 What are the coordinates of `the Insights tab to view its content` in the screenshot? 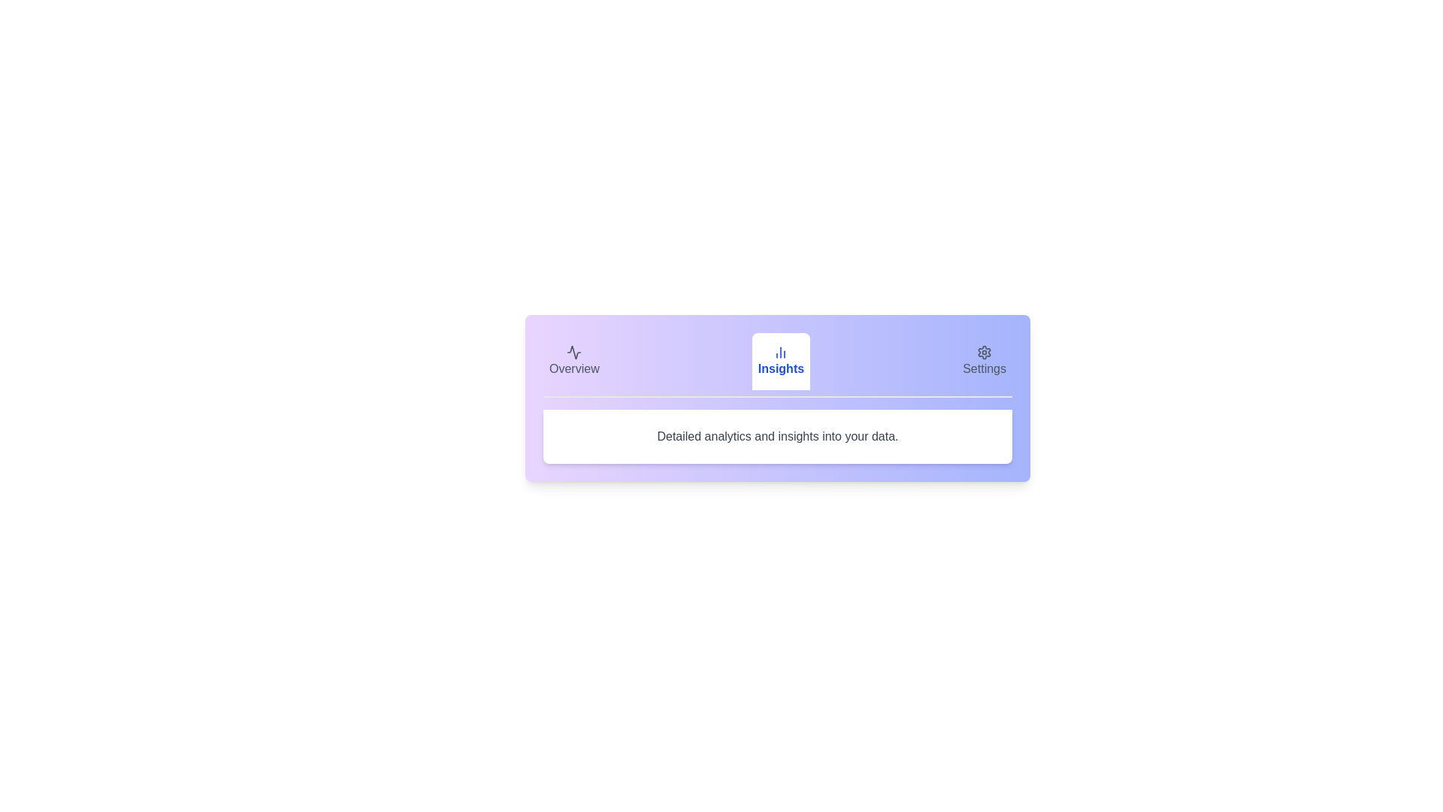 It's located at (781, 362).